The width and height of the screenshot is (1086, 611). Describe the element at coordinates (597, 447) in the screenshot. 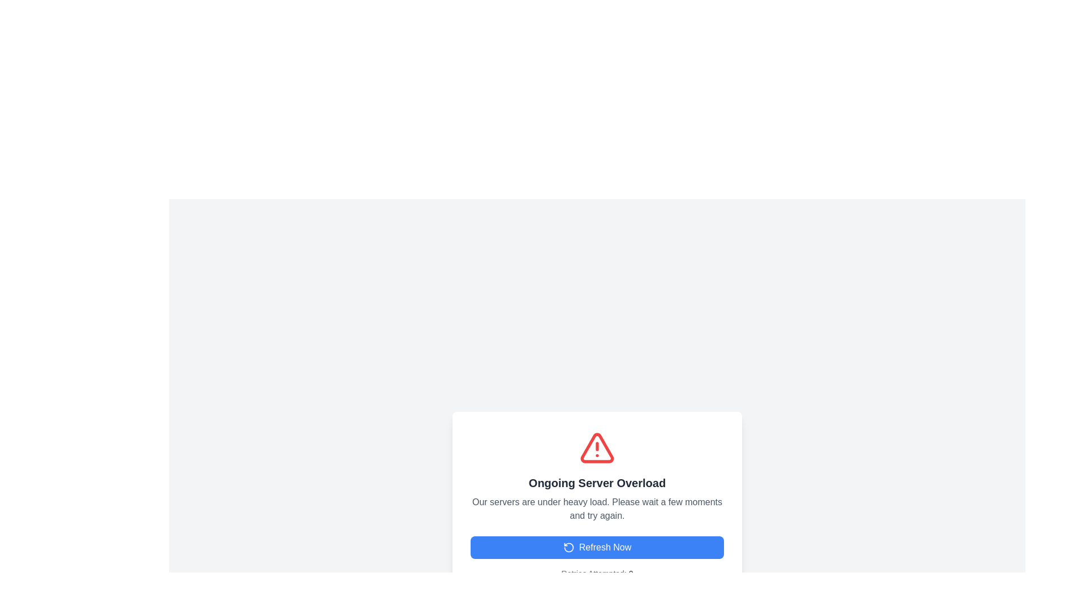

I see `the alert icon located at the center of the modal, directly above the text 'Ongoing Server Overload', to draw attention to the warning message` at that location.